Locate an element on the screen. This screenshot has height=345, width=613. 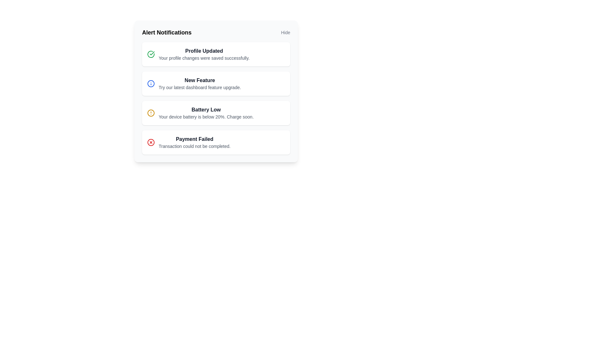
text content of the informational text block located to the right of a blue circular icon in the second row of the alert notification list is located at coordinates (199, 83).